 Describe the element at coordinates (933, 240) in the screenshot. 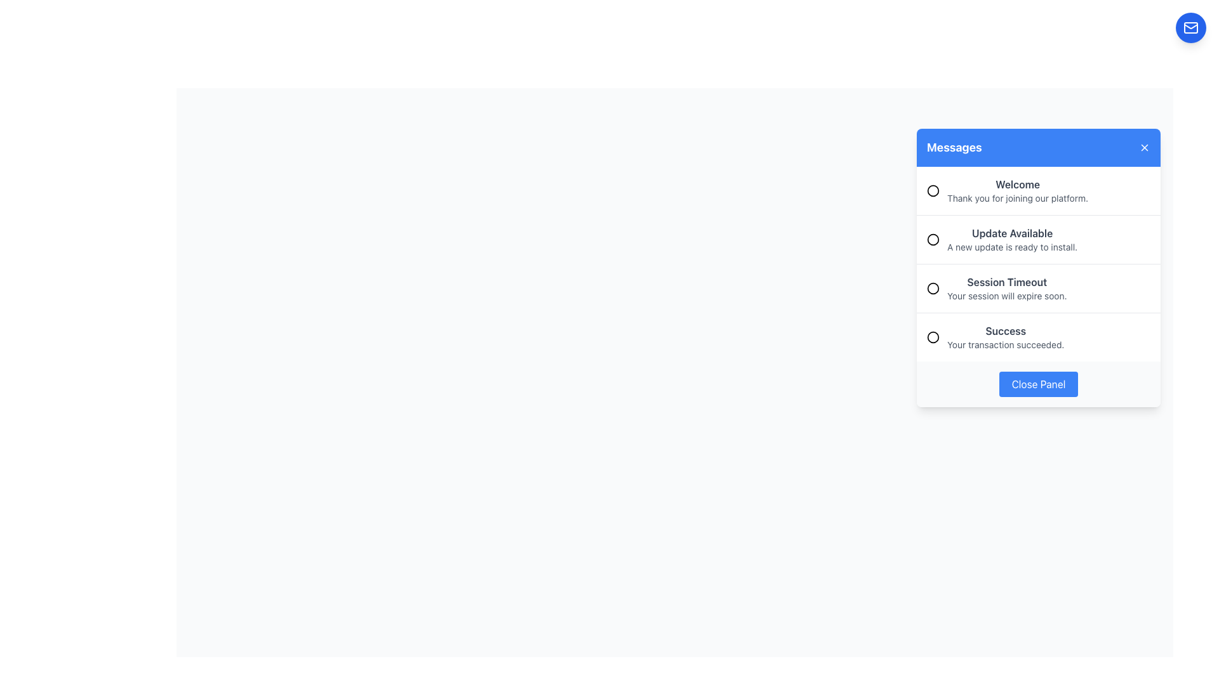

I see `the circle icon located in the 'Update Available' section of the 'Messages' panel, which is a 10px radius outlined circle` at that location.